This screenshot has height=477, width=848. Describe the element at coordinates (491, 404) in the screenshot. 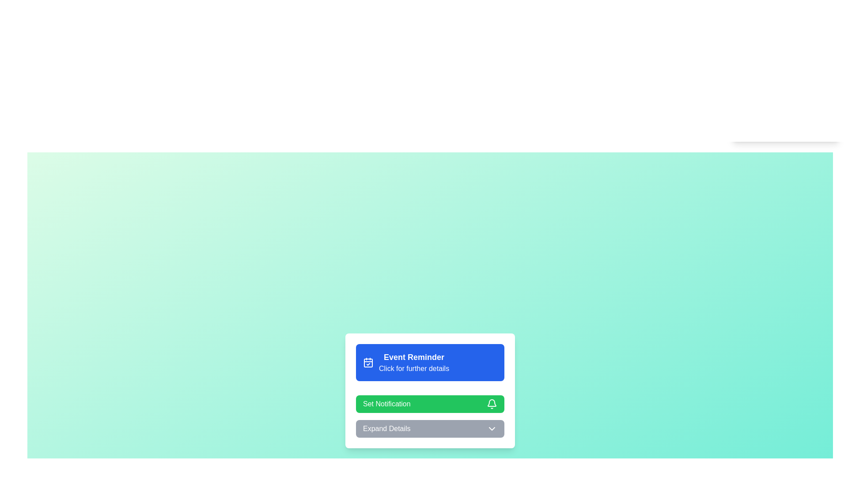

I see `the bell-shaped icon located directly to the right of the 'Set Notification' button` at that location.